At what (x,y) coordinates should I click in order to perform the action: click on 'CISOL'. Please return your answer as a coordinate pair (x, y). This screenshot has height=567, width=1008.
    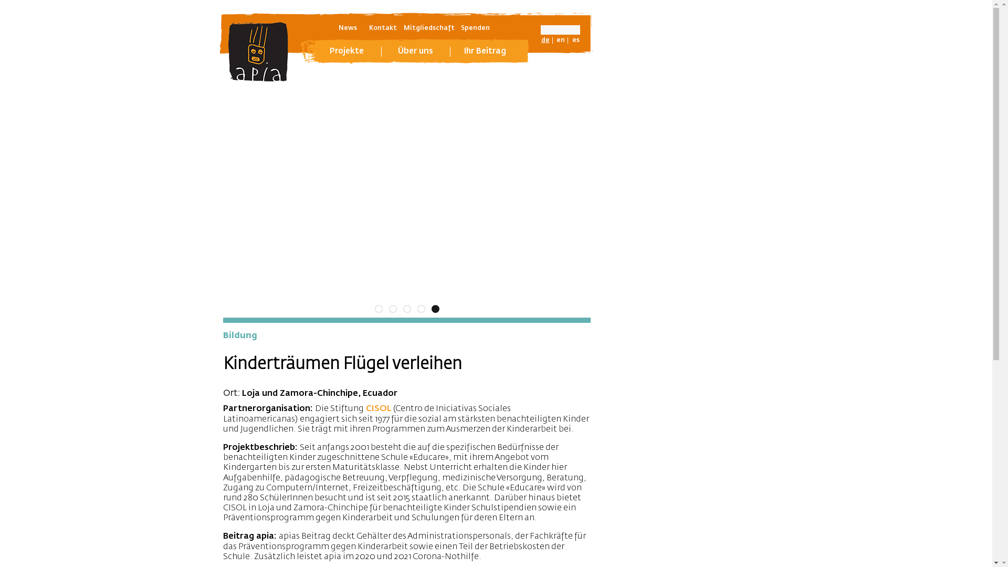
    Looking at the image, I should click on (378, 408).